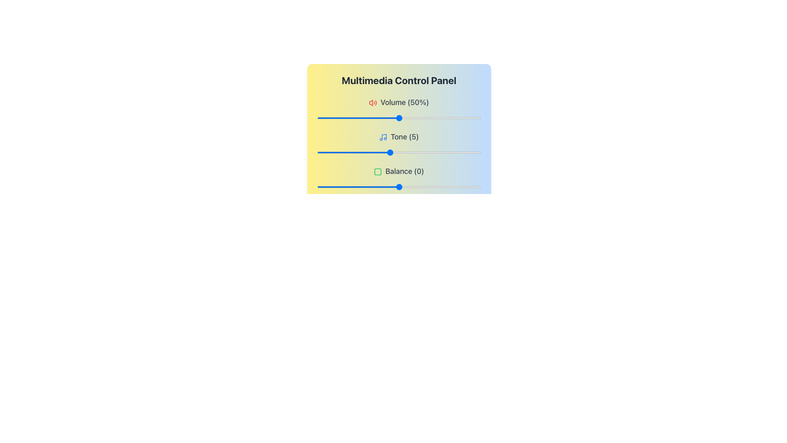  Describe the element at coordinates (378, 171) in the screenshot. I see `the green square icon with rounded corners that is positioned to the left of the text 'Balance (0)' in the Multimedia Control Panel` at that location.